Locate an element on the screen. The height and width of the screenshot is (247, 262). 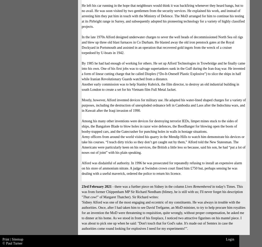
'underwater charges to sever the well heads of decommissioned North Sea oil rigs and blew up three old blast furnaces in Co Durham. He
blasted away the old iron penstock gates at the Royal Dockyard in Portsmouth and assisted in an operation that recovered gold ingots from the wreck of a cruiser torpedoed by U-boats in
1942.' is located at coordinates (162, 45).